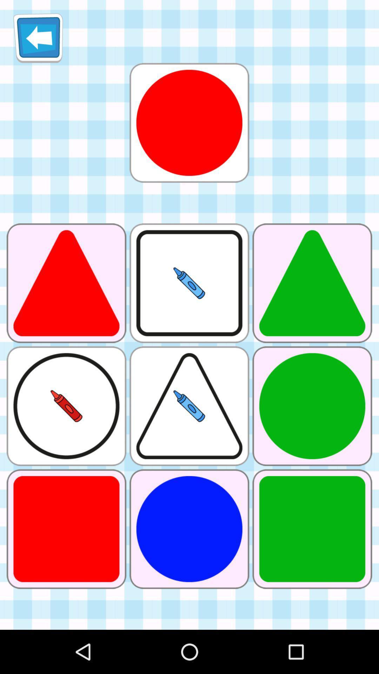 This screenshot has width=379, height=674. I want to click on item at the top left corner, so click(38, 38).